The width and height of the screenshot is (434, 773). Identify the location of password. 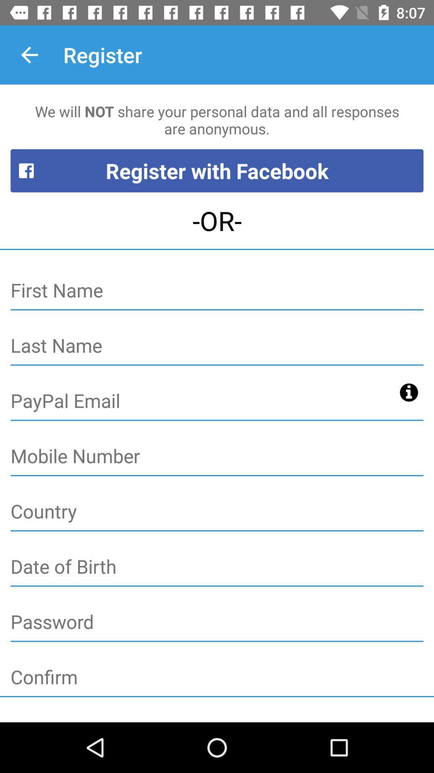
(217, 622).